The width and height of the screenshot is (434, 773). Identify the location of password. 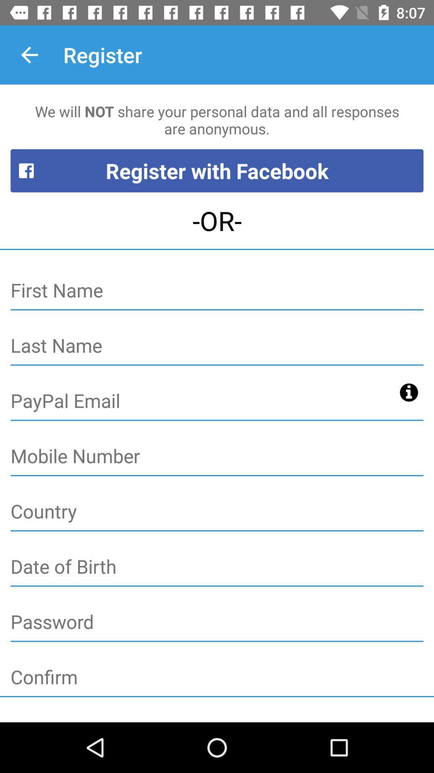
(217, 622).